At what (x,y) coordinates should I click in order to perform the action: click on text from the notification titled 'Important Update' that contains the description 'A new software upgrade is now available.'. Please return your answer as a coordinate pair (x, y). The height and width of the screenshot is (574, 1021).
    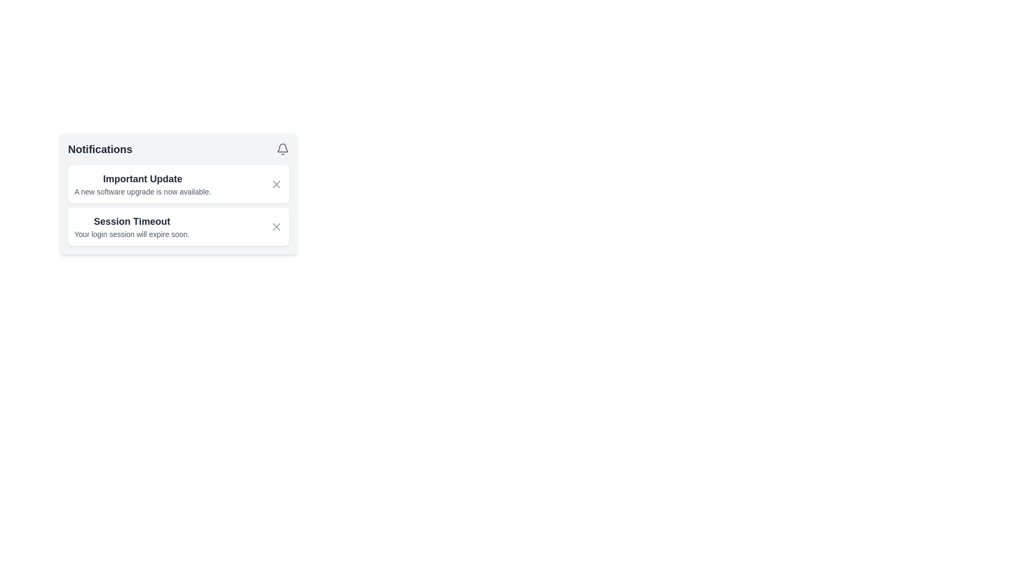
    Looking at the image, I should click on (142, 184).